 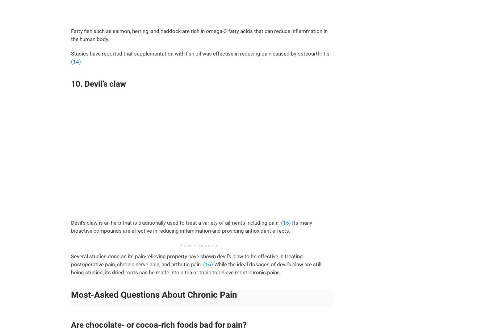 I want to click on 'Devil’s claw is an herb that is traditionally used to treat a variety of ailments including pain.', so click(x=175, y=222).